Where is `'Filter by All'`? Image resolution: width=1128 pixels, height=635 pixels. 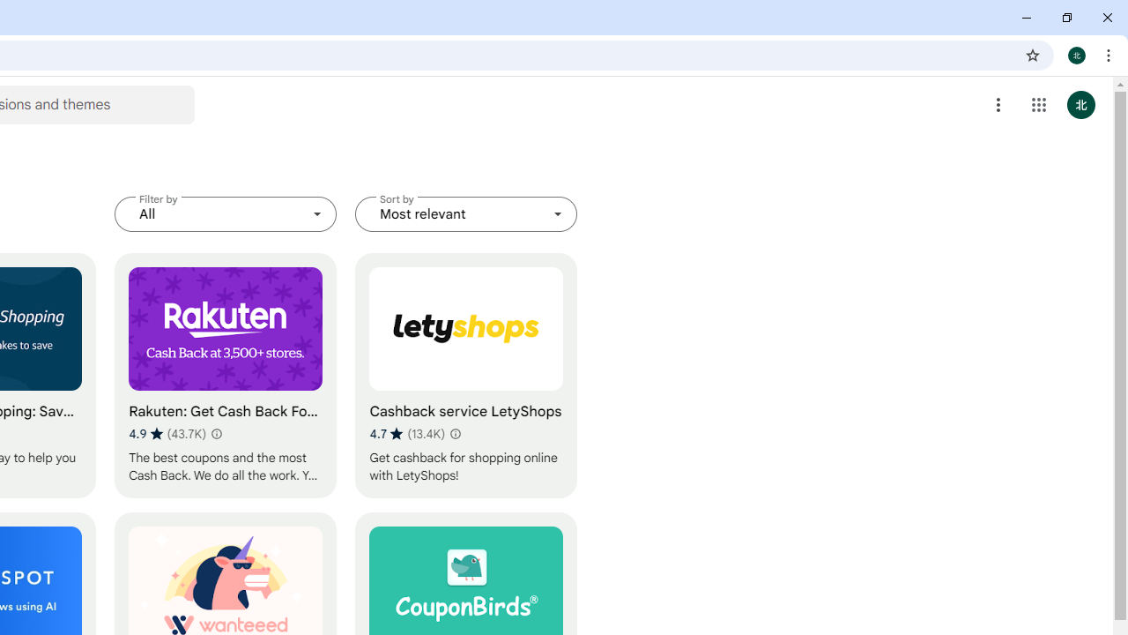 'Filter by All' is located at coordinates (225, 213).